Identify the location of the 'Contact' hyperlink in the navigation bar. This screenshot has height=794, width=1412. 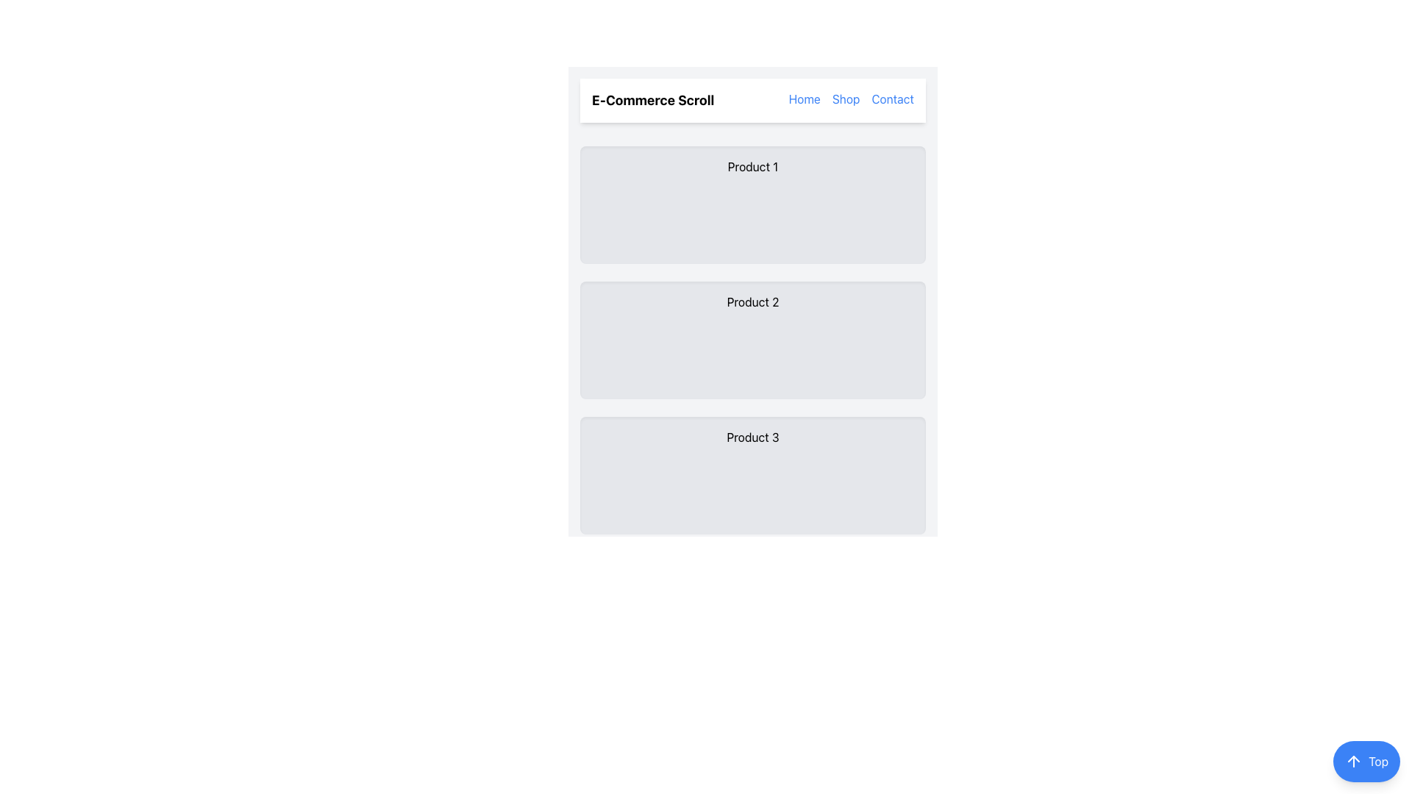
(892, 99).